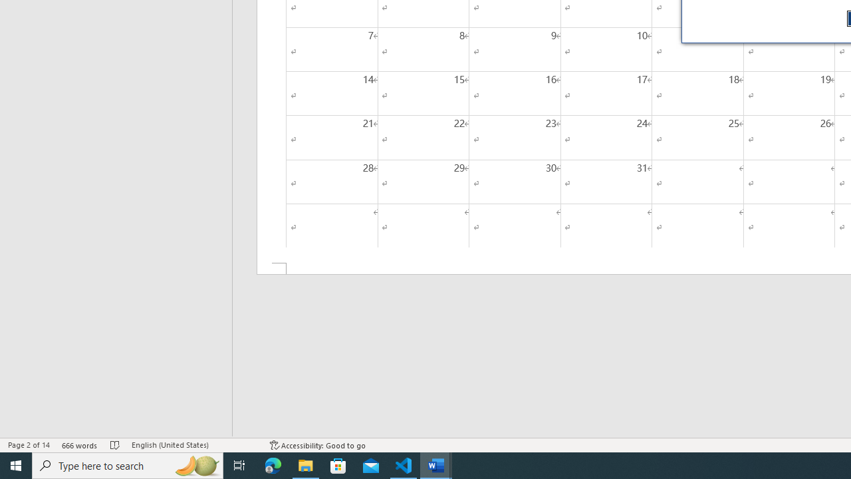 The height and width of the screenshot is (479, 851). Describe the element at coordinates (193, 445) in the screenshot. I see `'Language English (United States)'` at that location.